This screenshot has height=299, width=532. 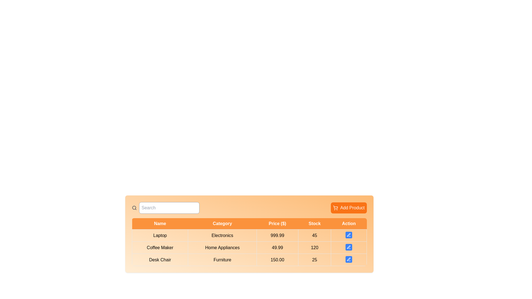 What do you see at coordinates (160, 223) in the screenshot?
I see `the 'Name' column header in the table, which is the first header element located to the far left, adjacent to the 'Category' header` at bounding box center [160, 223].